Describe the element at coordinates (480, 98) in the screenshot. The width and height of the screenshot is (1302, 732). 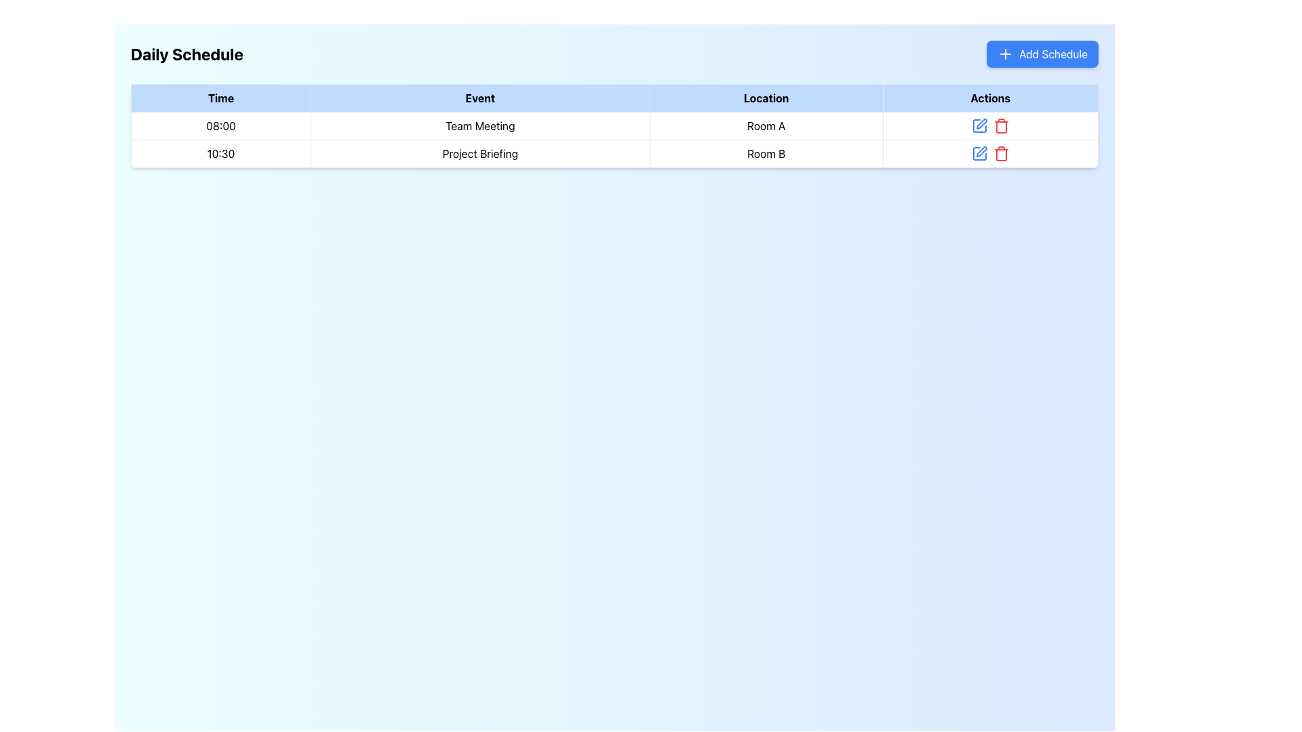
I see `the Table Header Cell designated for 'Events', which is the second column header in the data table` at that location.